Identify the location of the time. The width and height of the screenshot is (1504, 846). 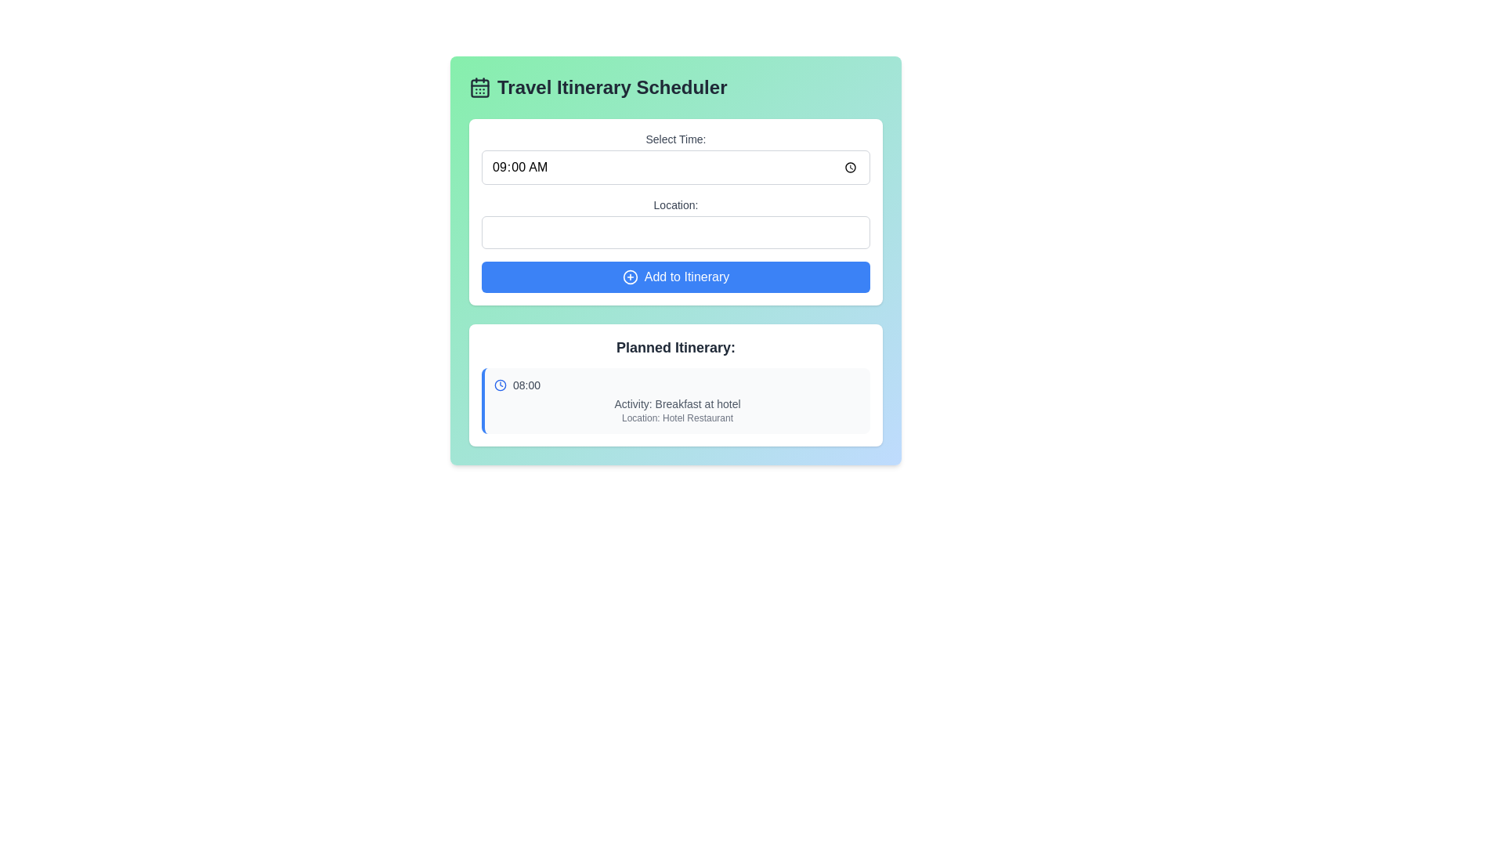
(676, 167).